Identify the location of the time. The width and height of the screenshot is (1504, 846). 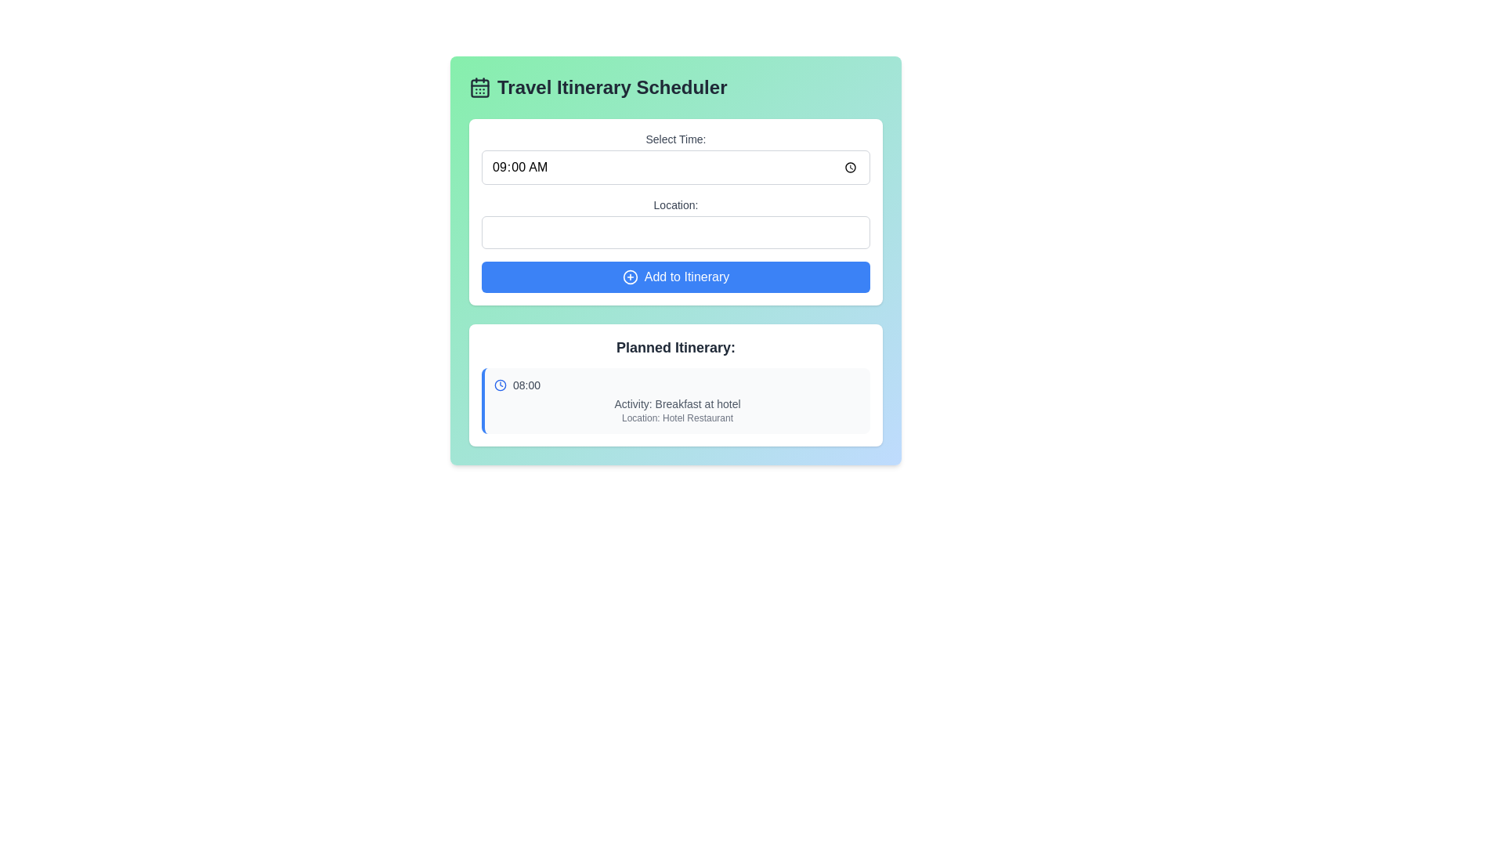
(676, 167).